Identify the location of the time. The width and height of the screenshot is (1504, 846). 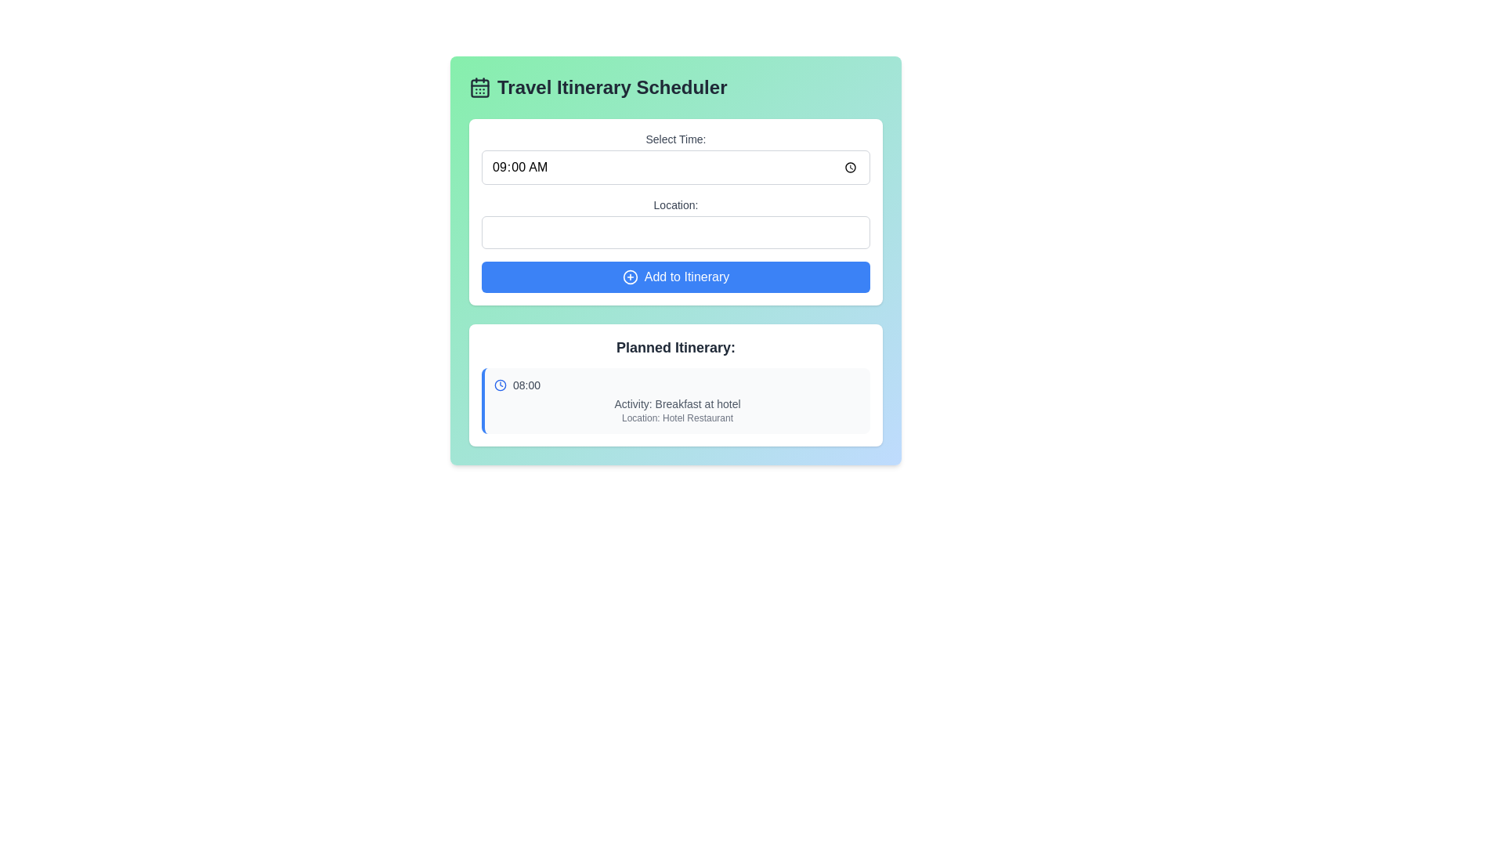
(676, 167).